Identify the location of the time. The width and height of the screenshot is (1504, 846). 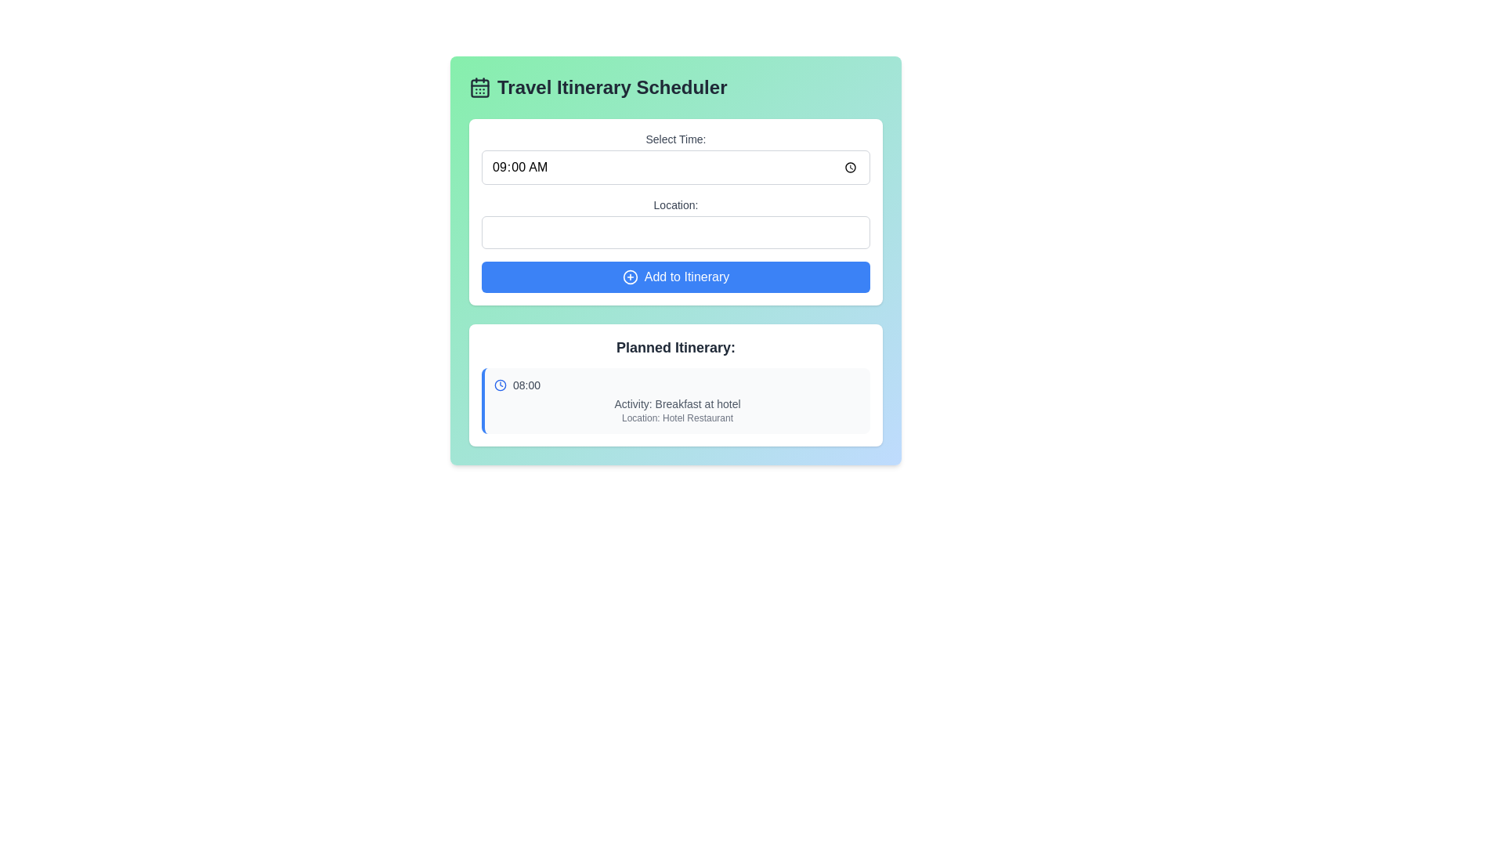
(676, 167).